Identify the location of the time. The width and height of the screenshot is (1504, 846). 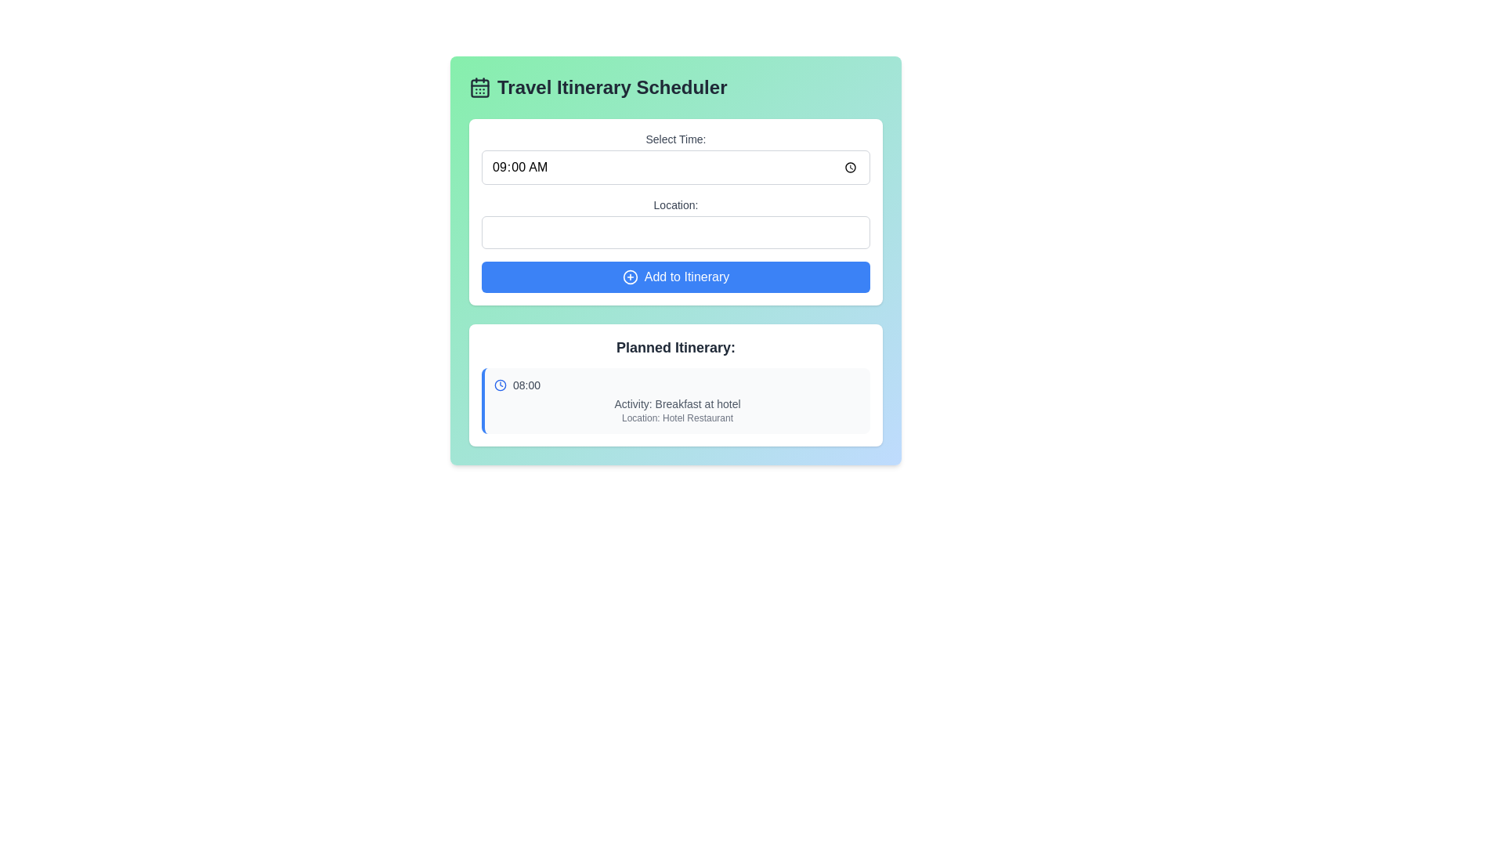
(676, 167).